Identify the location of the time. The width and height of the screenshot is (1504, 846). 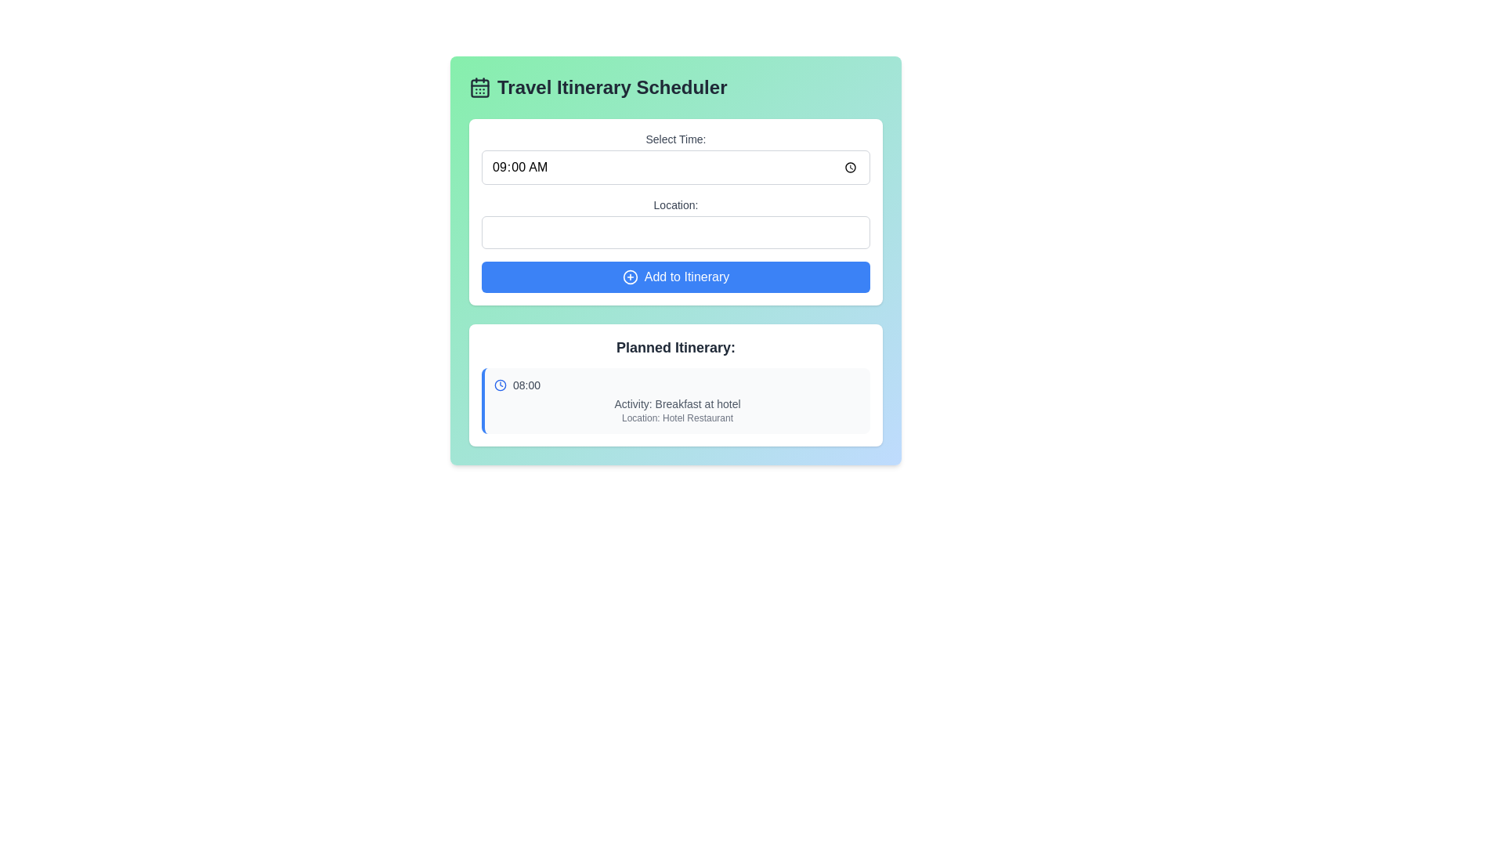
(676, 167).